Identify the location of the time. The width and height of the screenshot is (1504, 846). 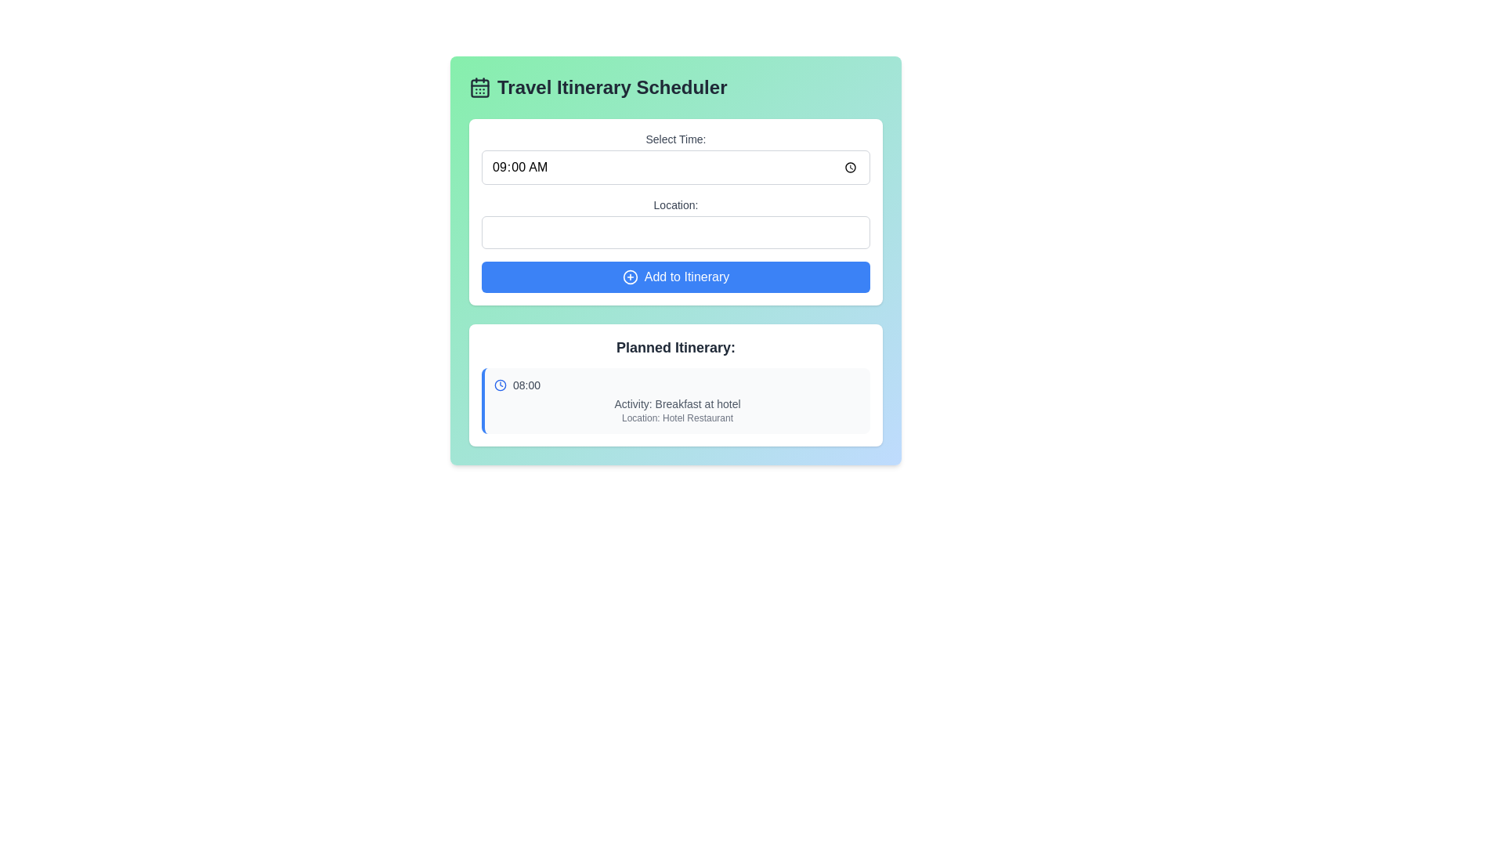
(676, 167).